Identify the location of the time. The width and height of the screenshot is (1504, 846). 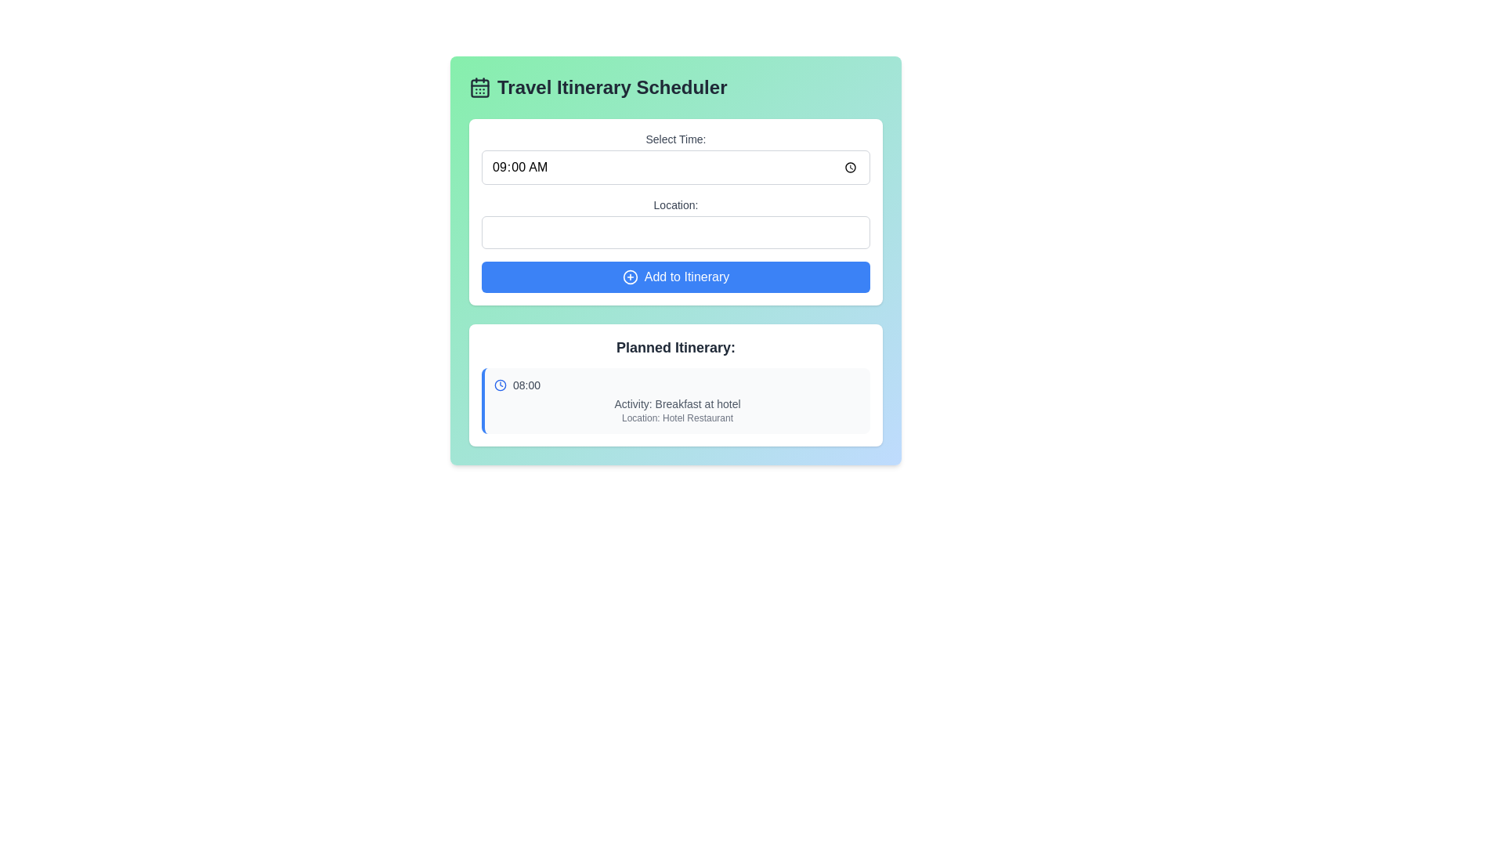
(676, 167).